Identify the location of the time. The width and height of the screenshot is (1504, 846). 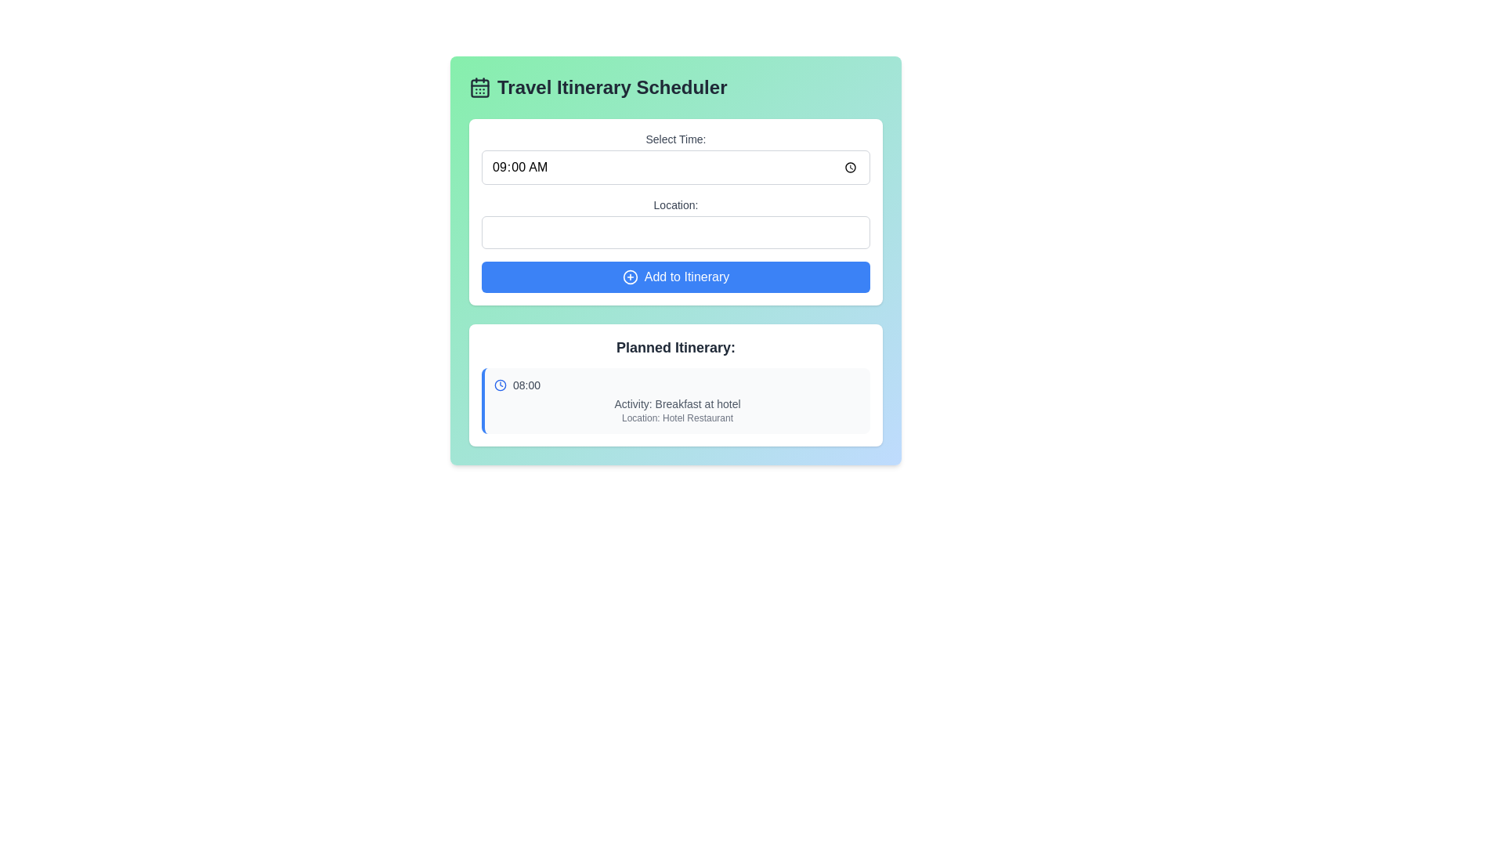
(676, 167).